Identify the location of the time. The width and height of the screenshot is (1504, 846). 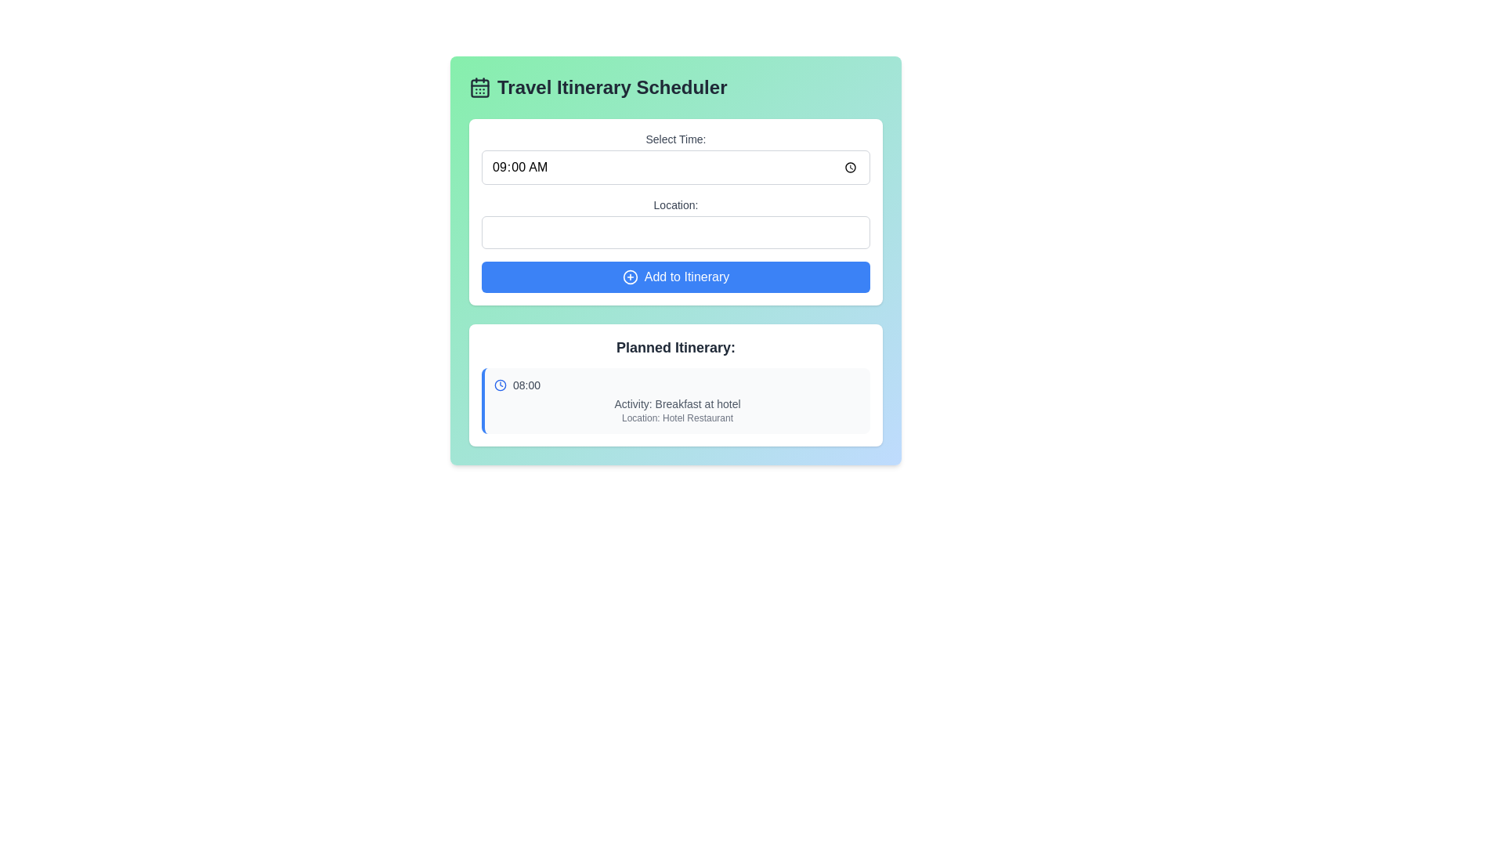
(676, 167).